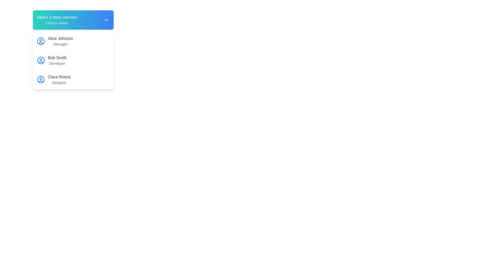  What do you see at coordinates (60, 41) in the screenshot?
I see `the first text block in the selection menu that displays the name and role of a team member, located immediately below the 'Select a team member' dropdown` at bounding box center [60, 41].